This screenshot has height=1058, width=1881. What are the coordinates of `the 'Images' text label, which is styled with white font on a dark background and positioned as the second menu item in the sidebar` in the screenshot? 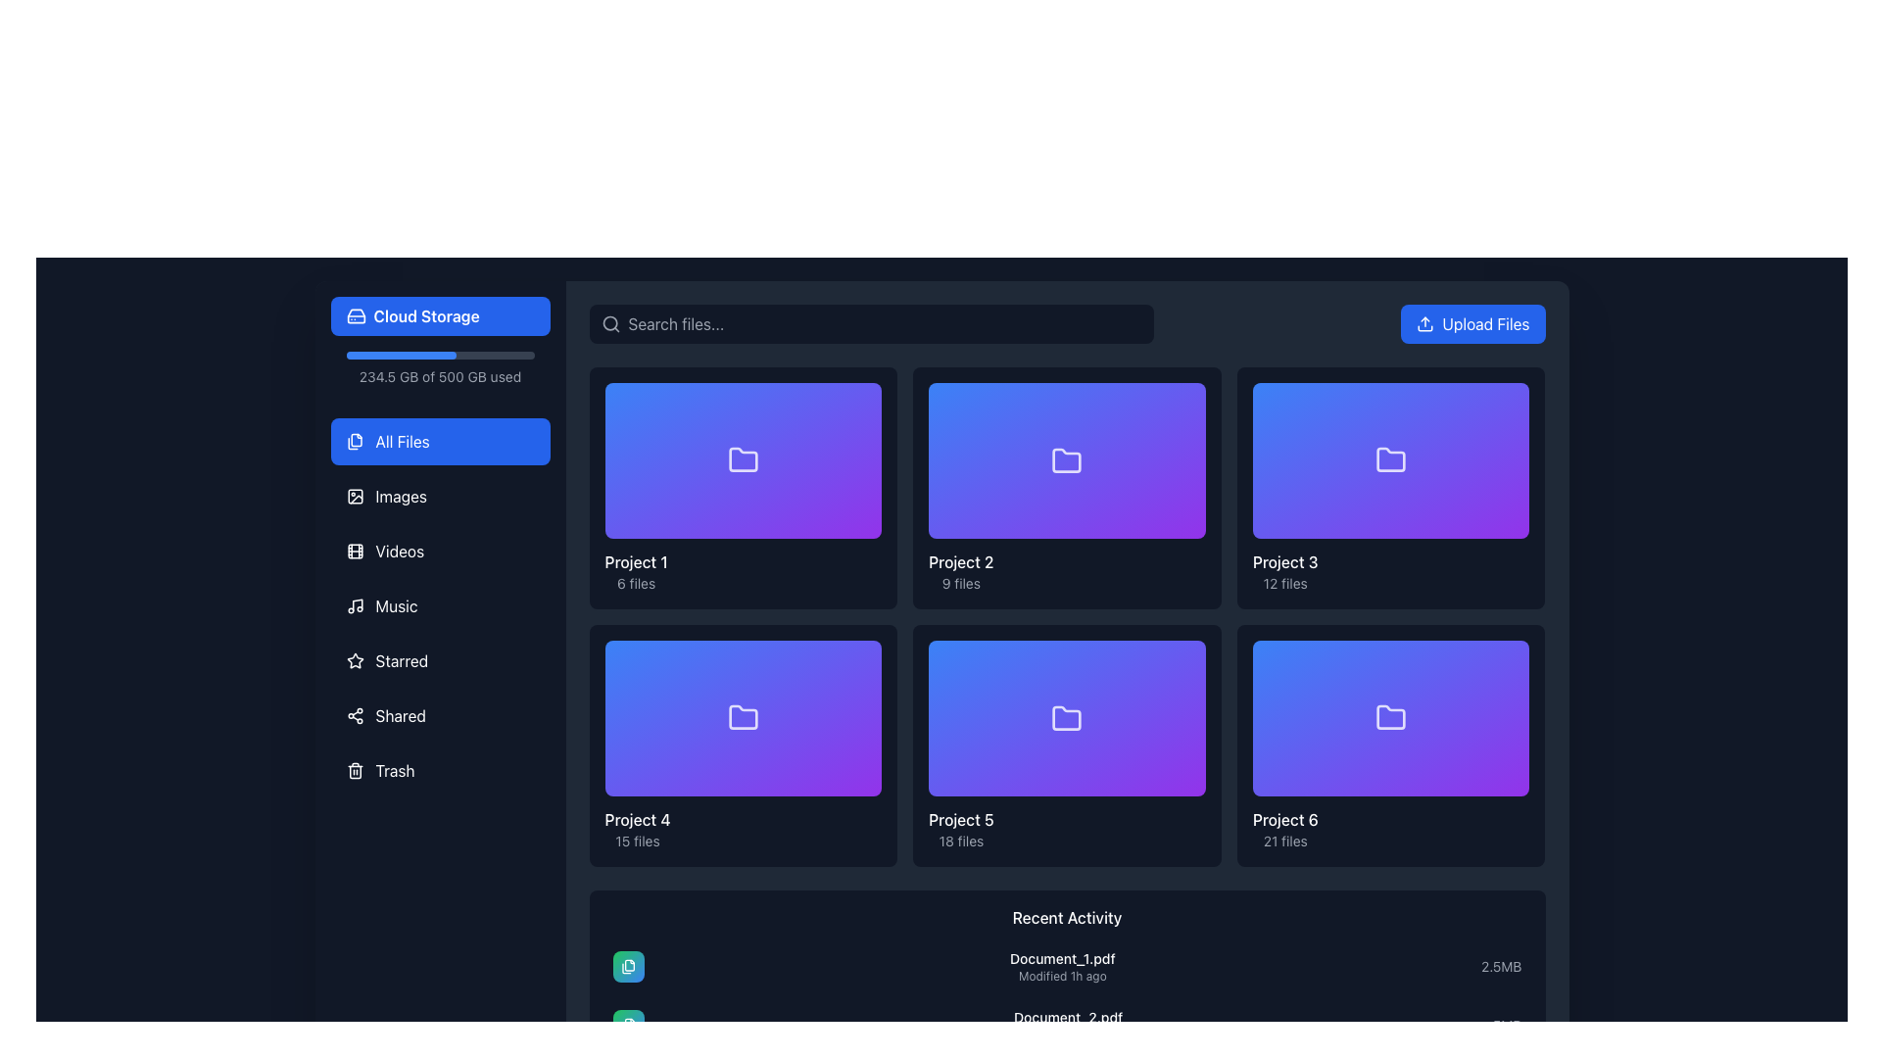 It's located at (400, 495).